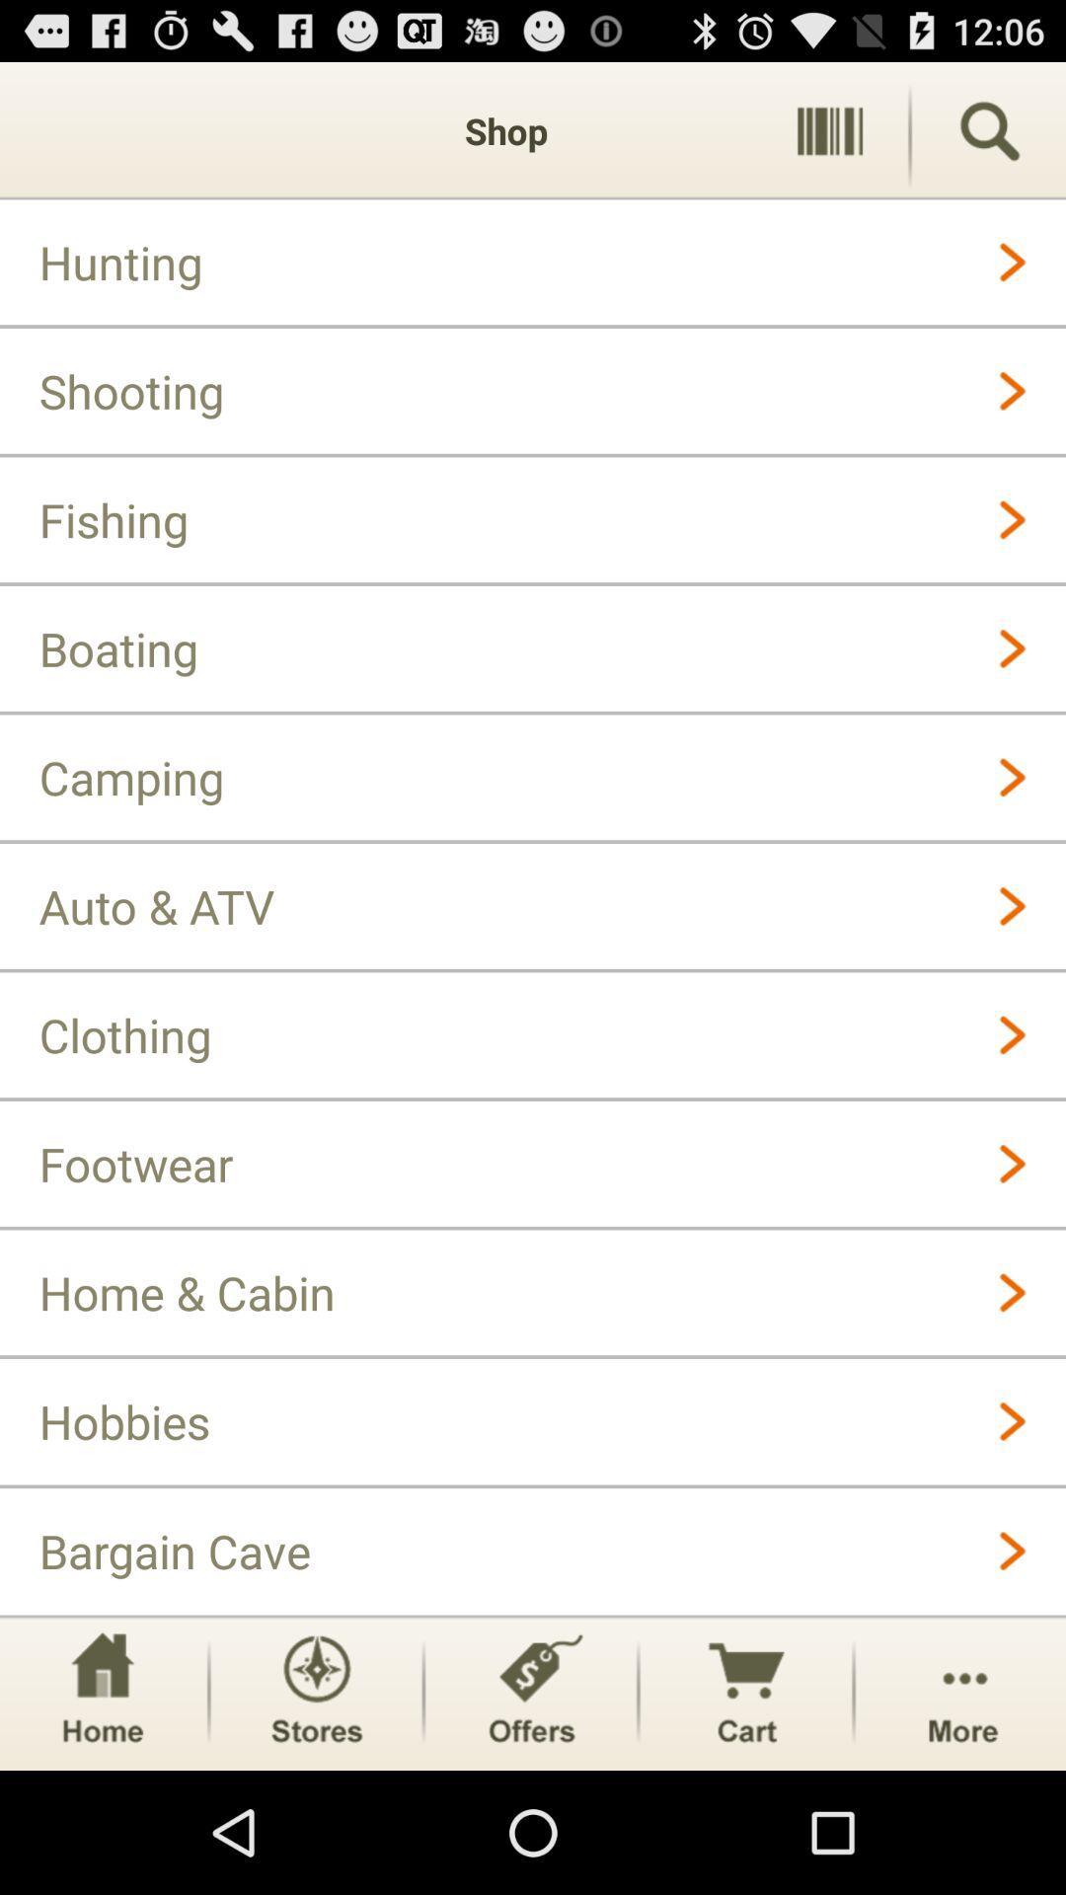 The width and height of the screenshot is (1066, 1895). I want to click on the third option from last, so click(529, 1692).